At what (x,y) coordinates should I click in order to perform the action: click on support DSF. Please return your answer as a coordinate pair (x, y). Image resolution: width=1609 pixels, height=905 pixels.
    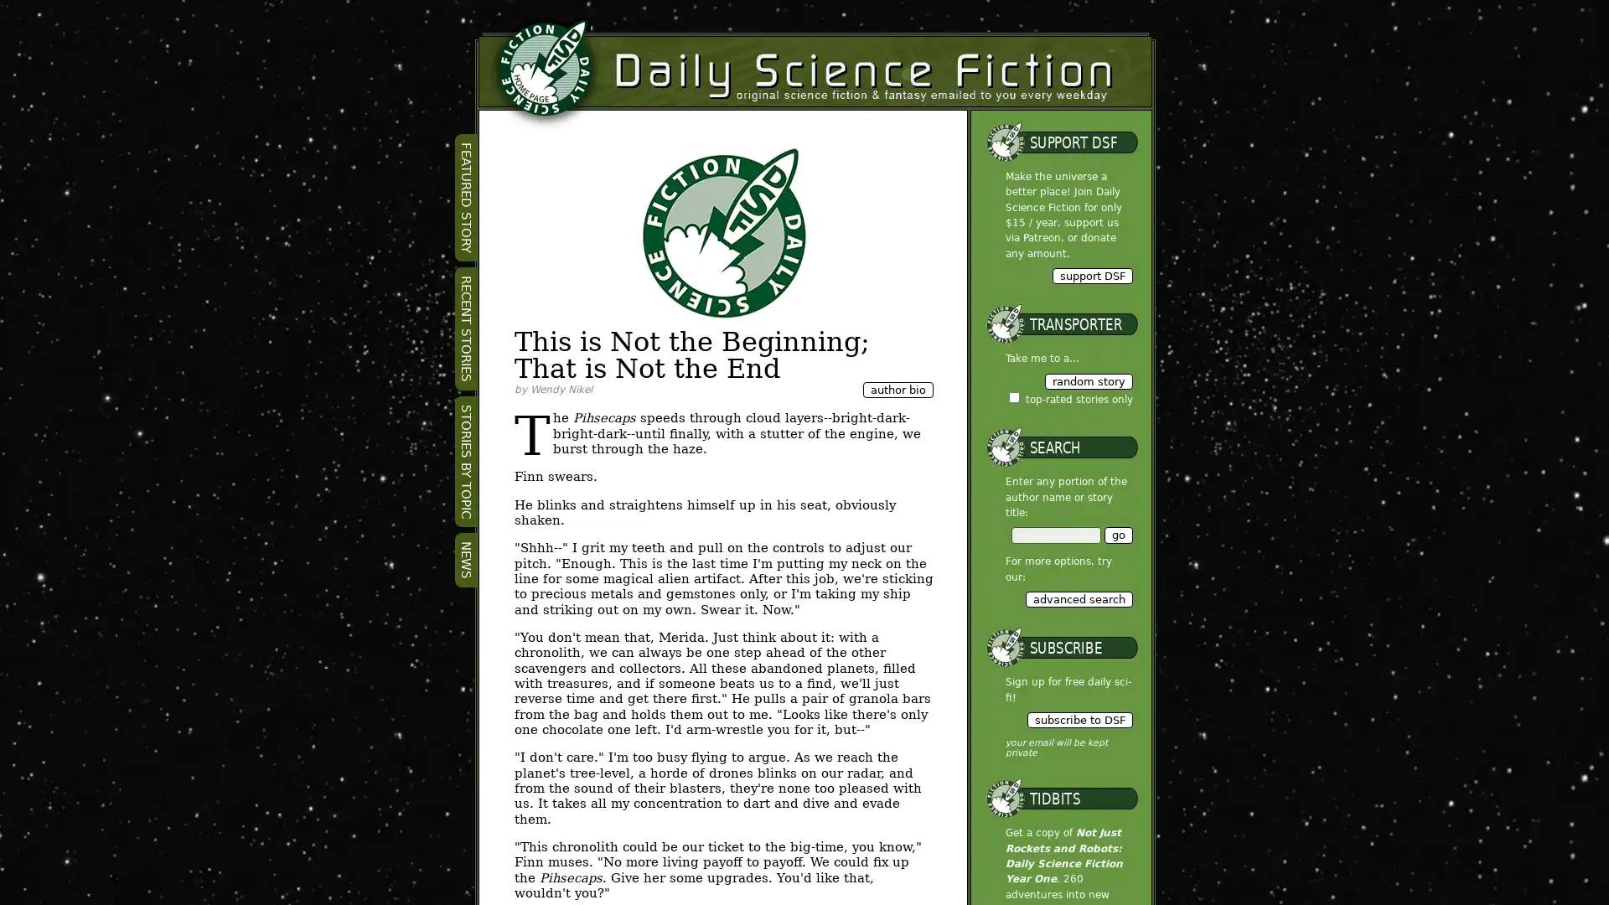
    Looking at the image, I should click on (1091, 274).